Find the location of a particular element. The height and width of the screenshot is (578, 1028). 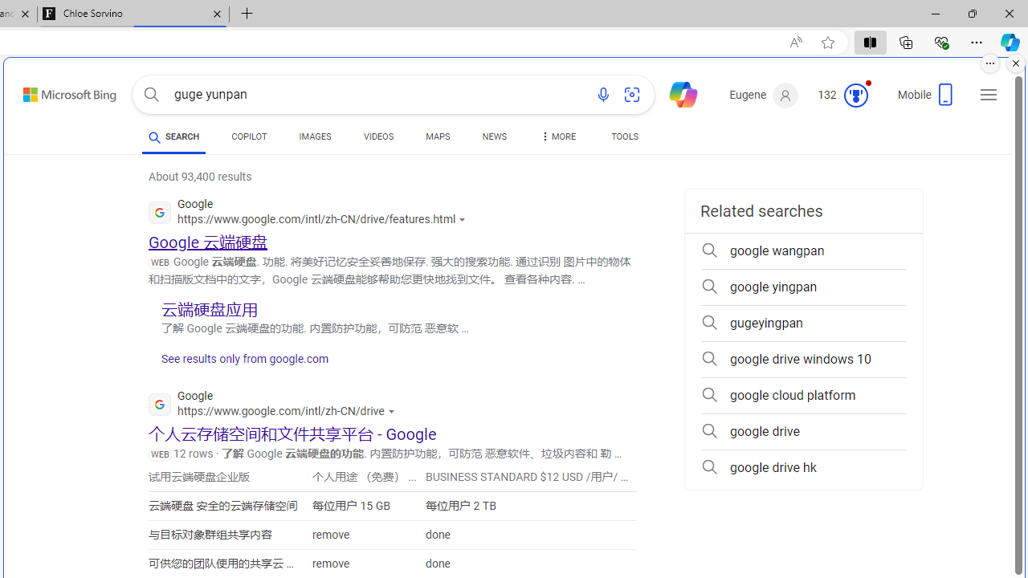

'Back to Bing search' is located at coordinates (59, 92).